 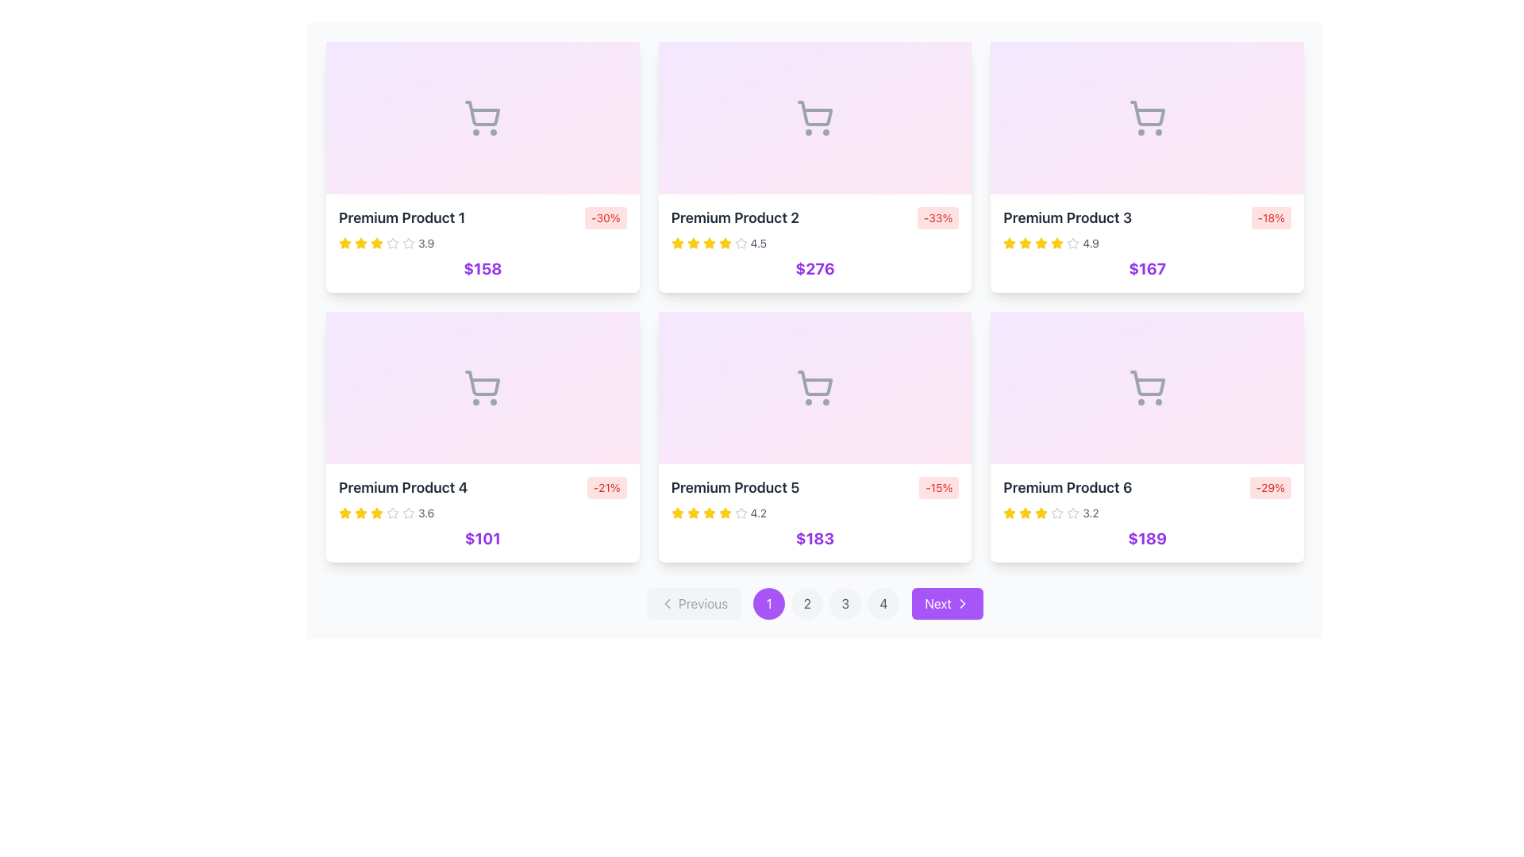 What do you see at coordinates (677, 513) in the screenshot?
I see `the first star-shaped icon in the 5-star rating display for the 'Premium Product 5' to trigger a tooltip or visual feedback` at bounding box center [677, 513].